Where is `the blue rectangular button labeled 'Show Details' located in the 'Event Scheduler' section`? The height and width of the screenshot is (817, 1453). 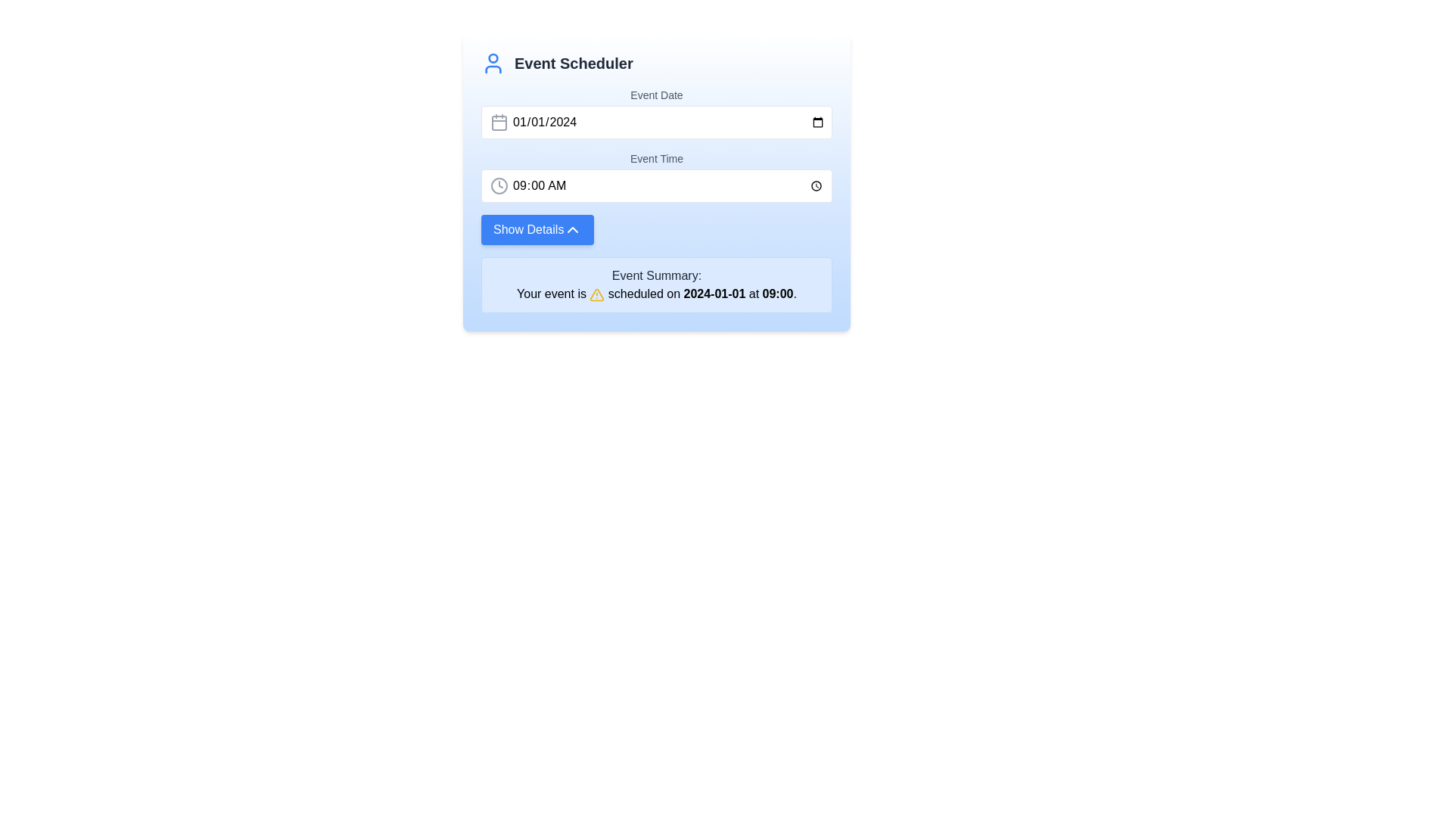 the blue rectangular button labeled 'Show Details' located in the 'Event Scheduler' section is located at coordinates (537, 230).